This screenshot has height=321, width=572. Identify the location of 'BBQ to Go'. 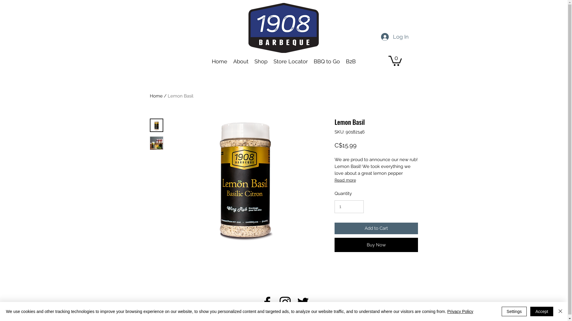
(327, 62).